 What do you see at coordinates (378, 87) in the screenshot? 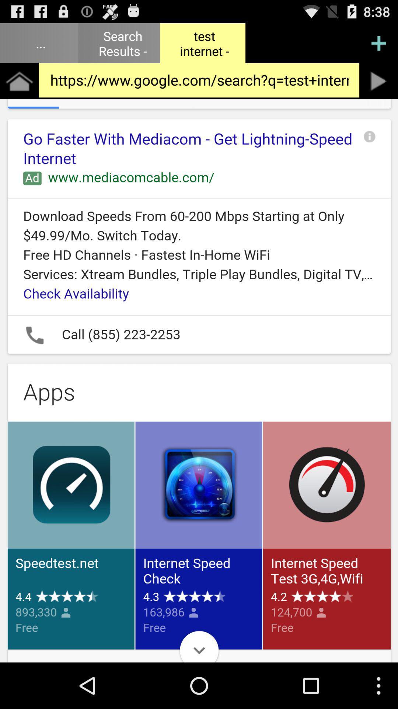
I see `the play icon` at bounding box center [378, 87].